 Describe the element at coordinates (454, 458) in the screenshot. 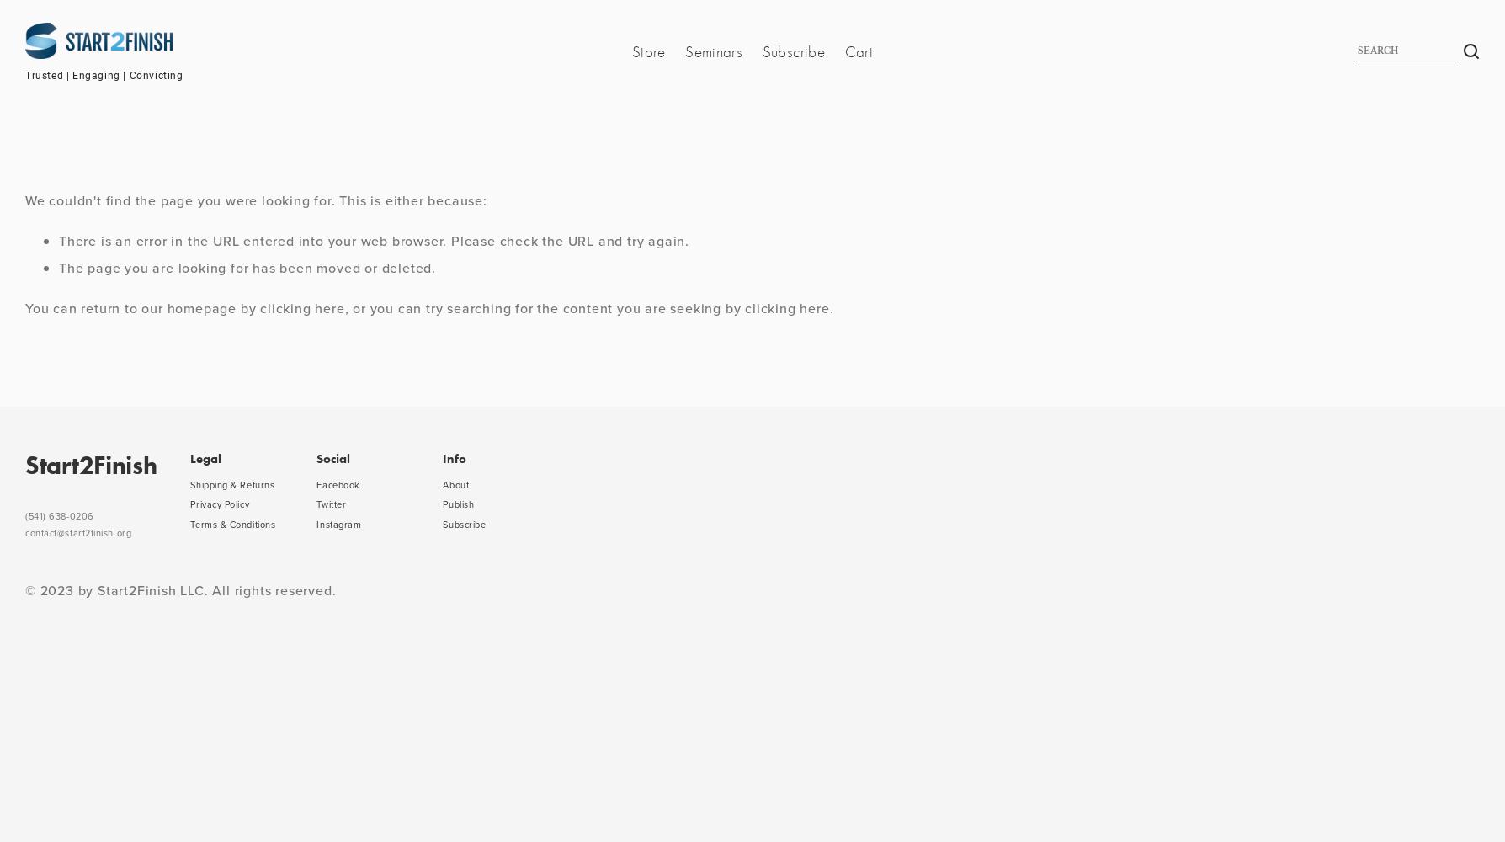

I see `'Info'` at that location.